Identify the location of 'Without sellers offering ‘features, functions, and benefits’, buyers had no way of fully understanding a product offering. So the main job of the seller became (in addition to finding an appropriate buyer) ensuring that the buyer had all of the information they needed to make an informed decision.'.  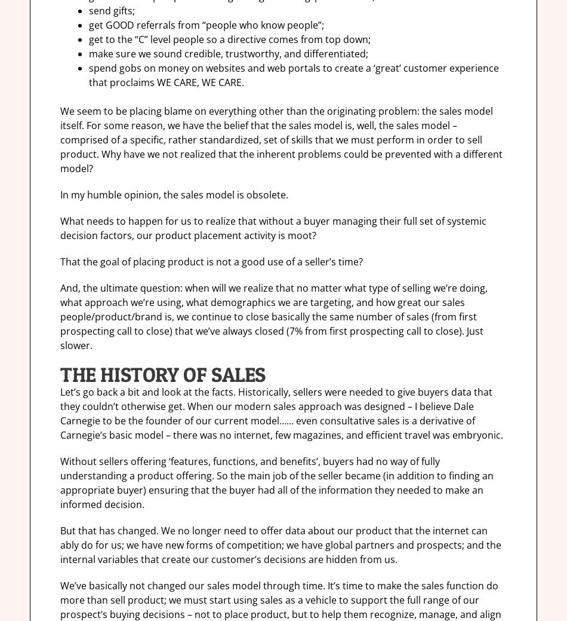
(276, 482).